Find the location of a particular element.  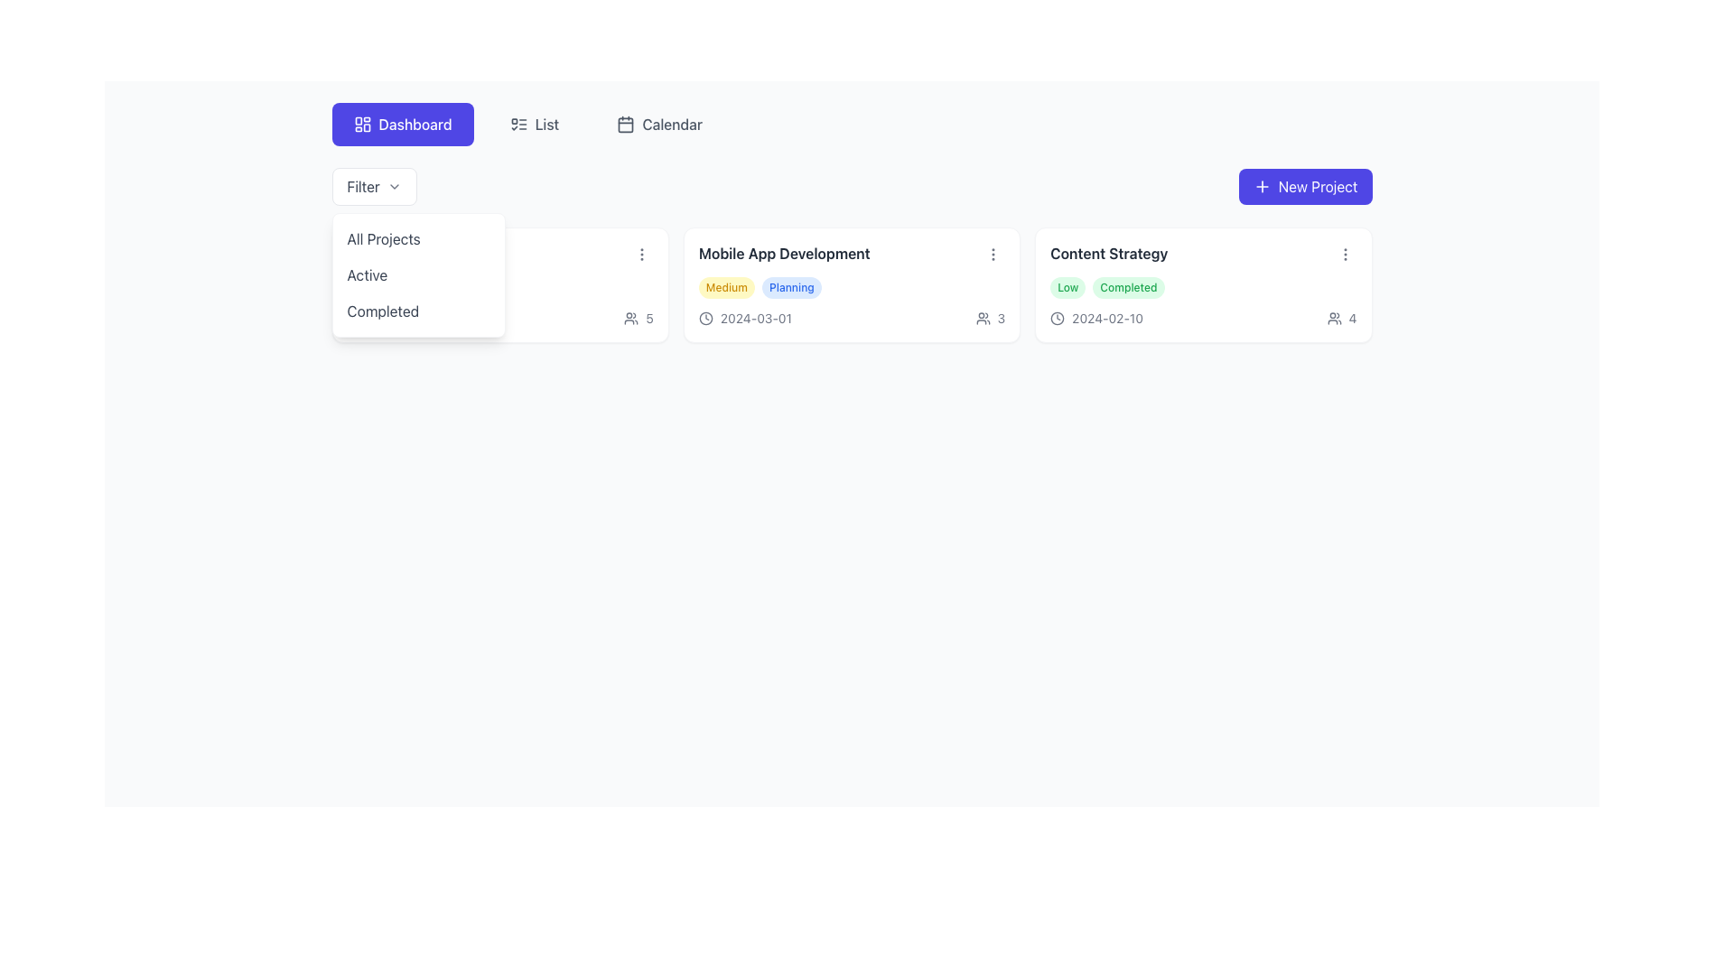

the Dropdown menu trigger located in the header section is located at coordinates (373, 187).